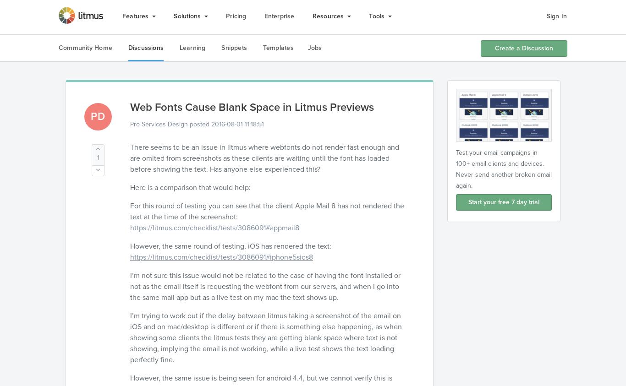 The image size is (626, 386). I want to click on 'Web Fonts Cause Blank Space in Litmus Previews', so click(252, 107).